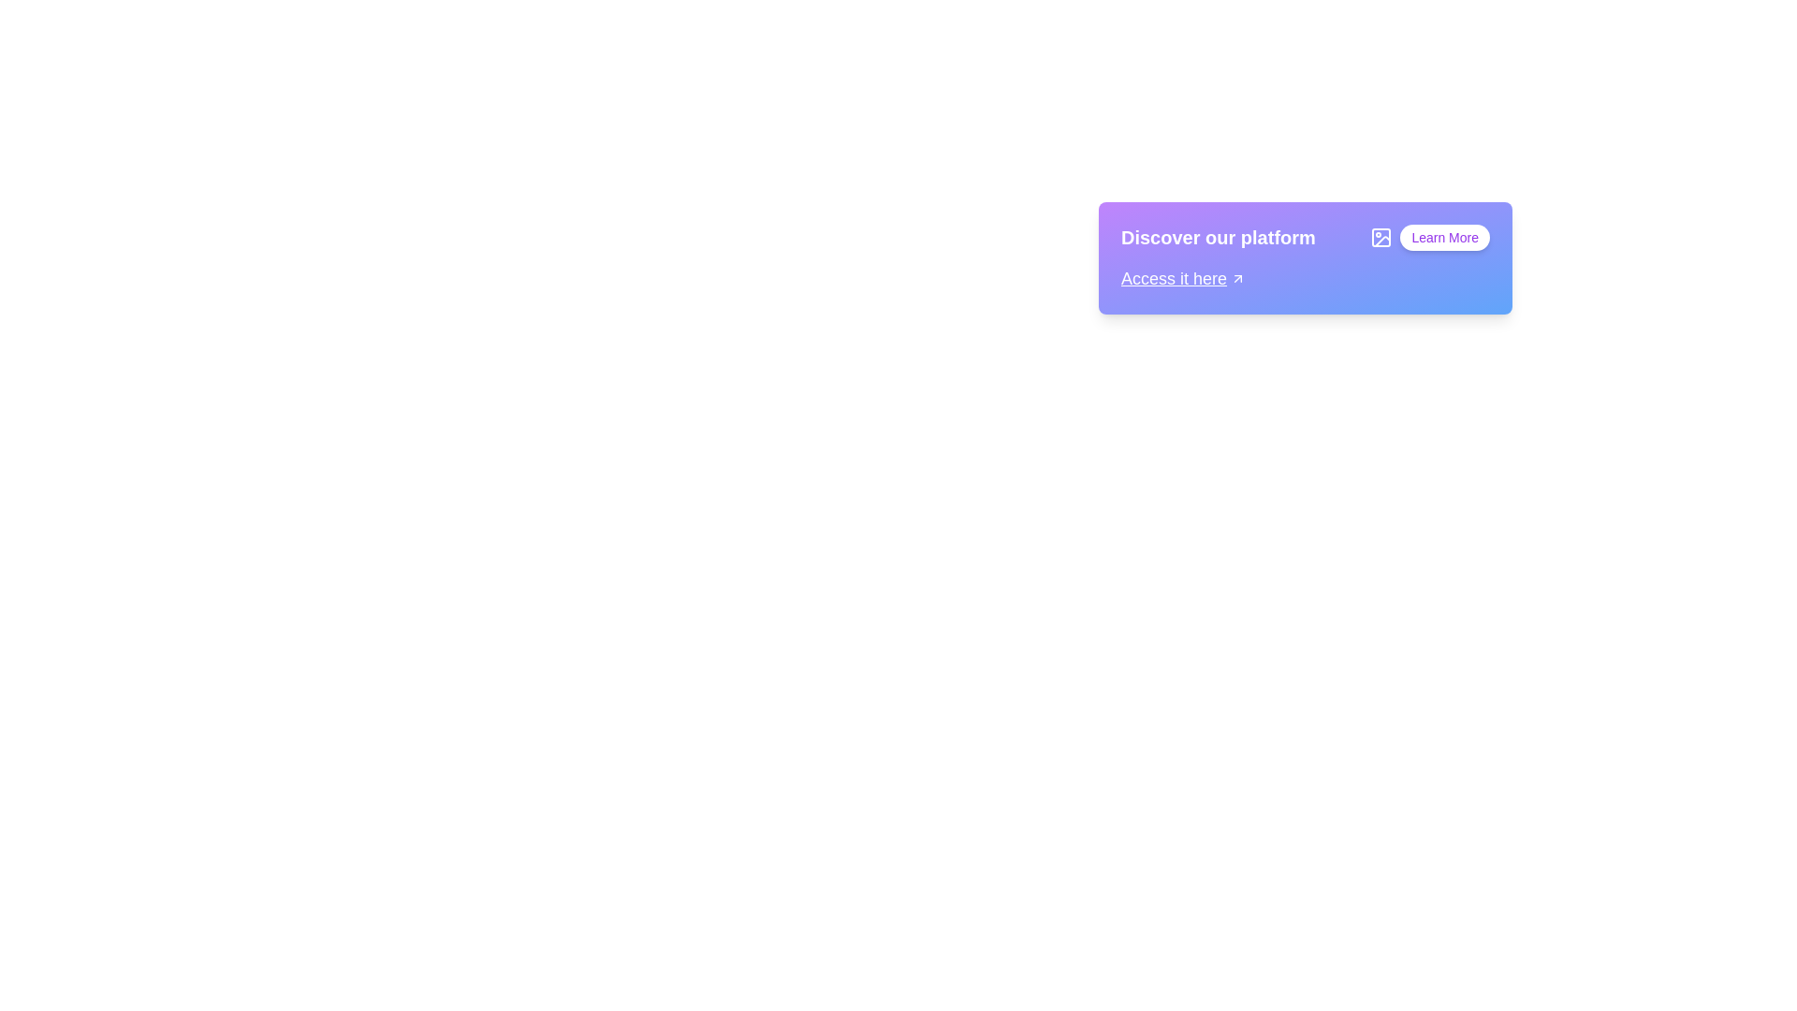 The height and width of the screenshot is (1011, 1797). Describe the element at coordinates (1381, 237) in the screenshot. I see `the small rounded rectangle within the SVG image frame, located near the top-right corner of the layout, just before the 'Learn More' button` at that location.